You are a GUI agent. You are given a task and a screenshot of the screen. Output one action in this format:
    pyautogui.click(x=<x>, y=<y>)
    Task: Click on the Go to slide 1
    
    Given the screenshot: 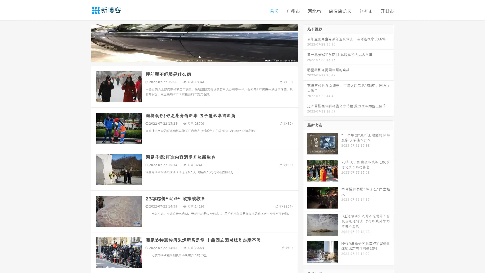 What is the action you would take?
    pyautogui.click(x=189, y=57)
    